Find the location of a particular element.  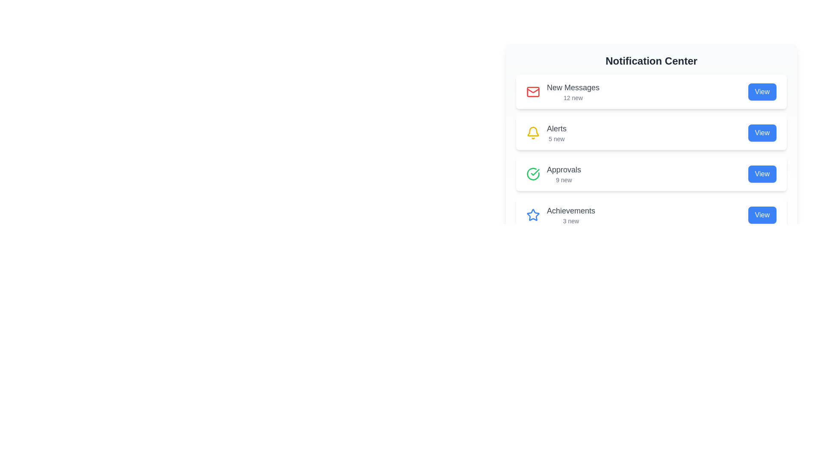

the text label that indicates the category or type of notification, positioned above the '9 new' text and below the green checkmark icon in the notification section is located at coordinates (564, 170).